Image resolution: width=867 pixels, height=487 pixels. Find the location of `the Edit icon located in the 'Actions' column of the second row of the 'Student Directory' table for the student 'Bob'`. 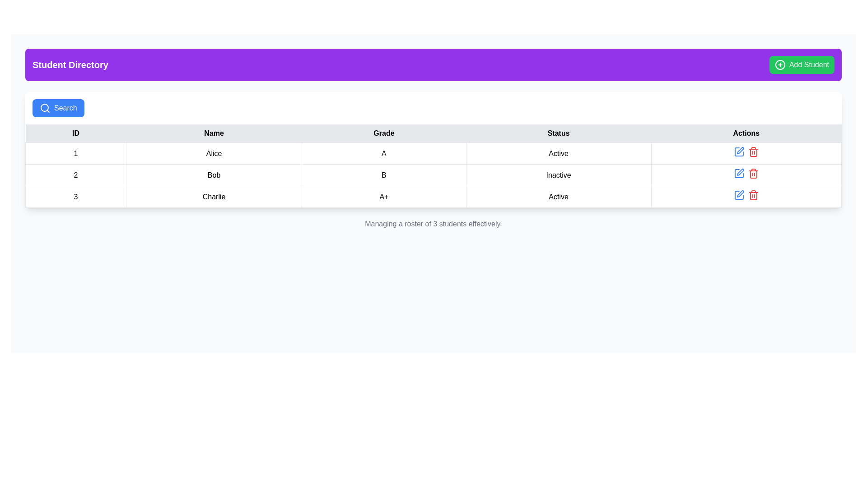

the Edit icon located in the 'Actions' column of the second row of the 'Student Directory' table for the student 'Bob' is located at coordinates (739, 151).